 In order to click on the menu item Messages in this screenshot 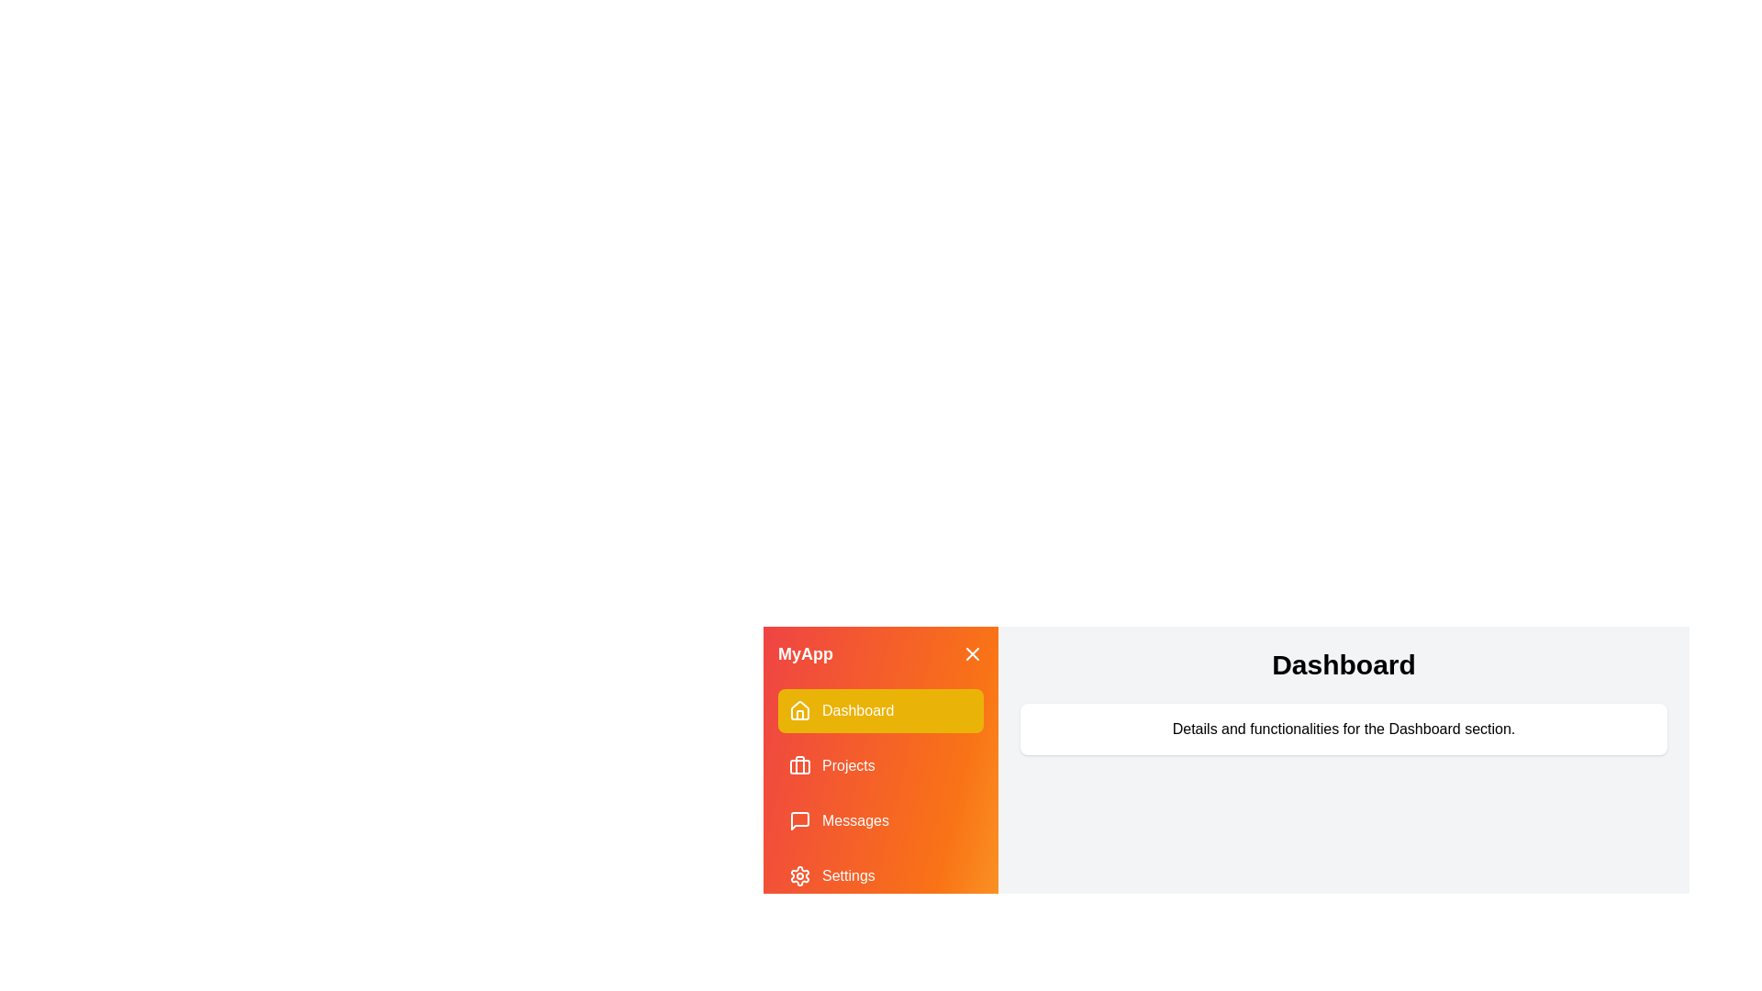, I will do `click(881, 819)`.